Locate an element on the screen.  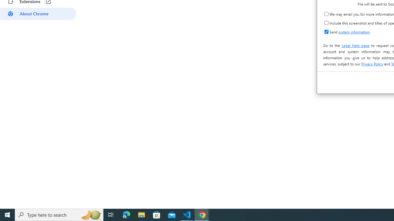
'Start' is located at coordinates (7, 214).